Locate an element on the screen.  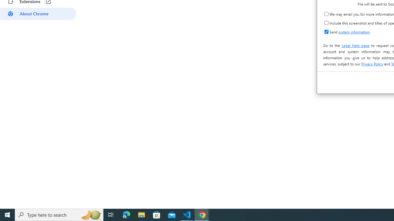
'Start' is located at coordinates (7, 214).